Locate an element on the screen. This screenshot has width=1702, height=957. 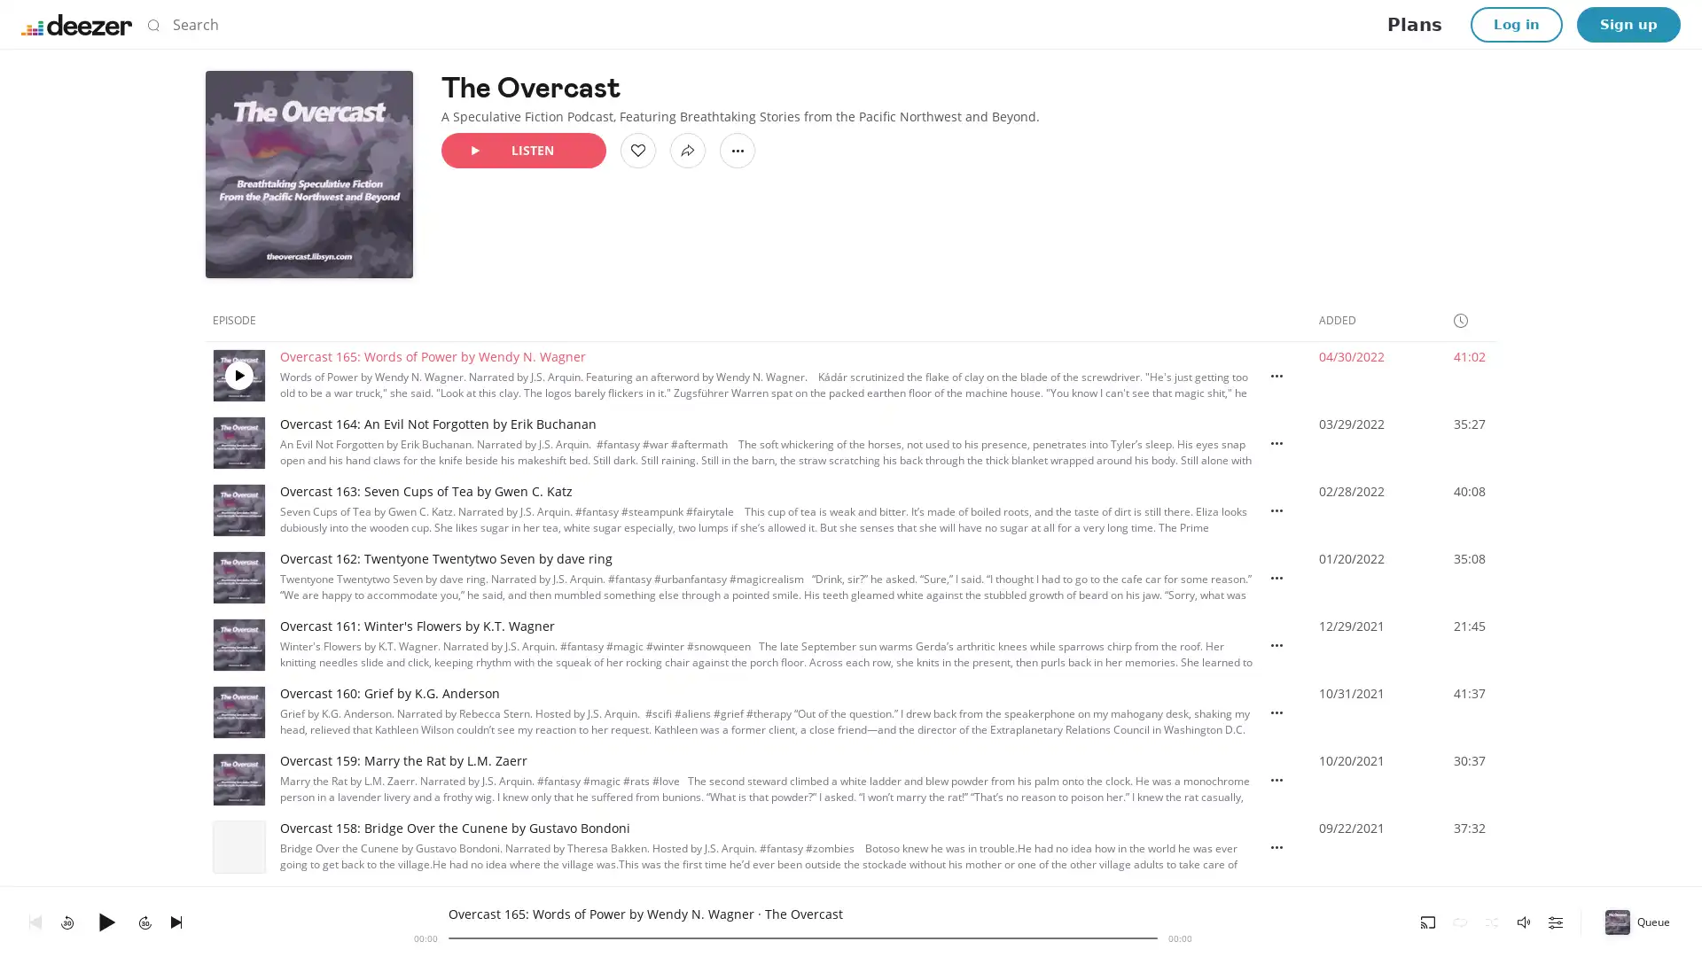
Play Overcast 164: An Evil Not Forgotten by Erik Buchanan by The Overcast is located at coordinates (238, 442).